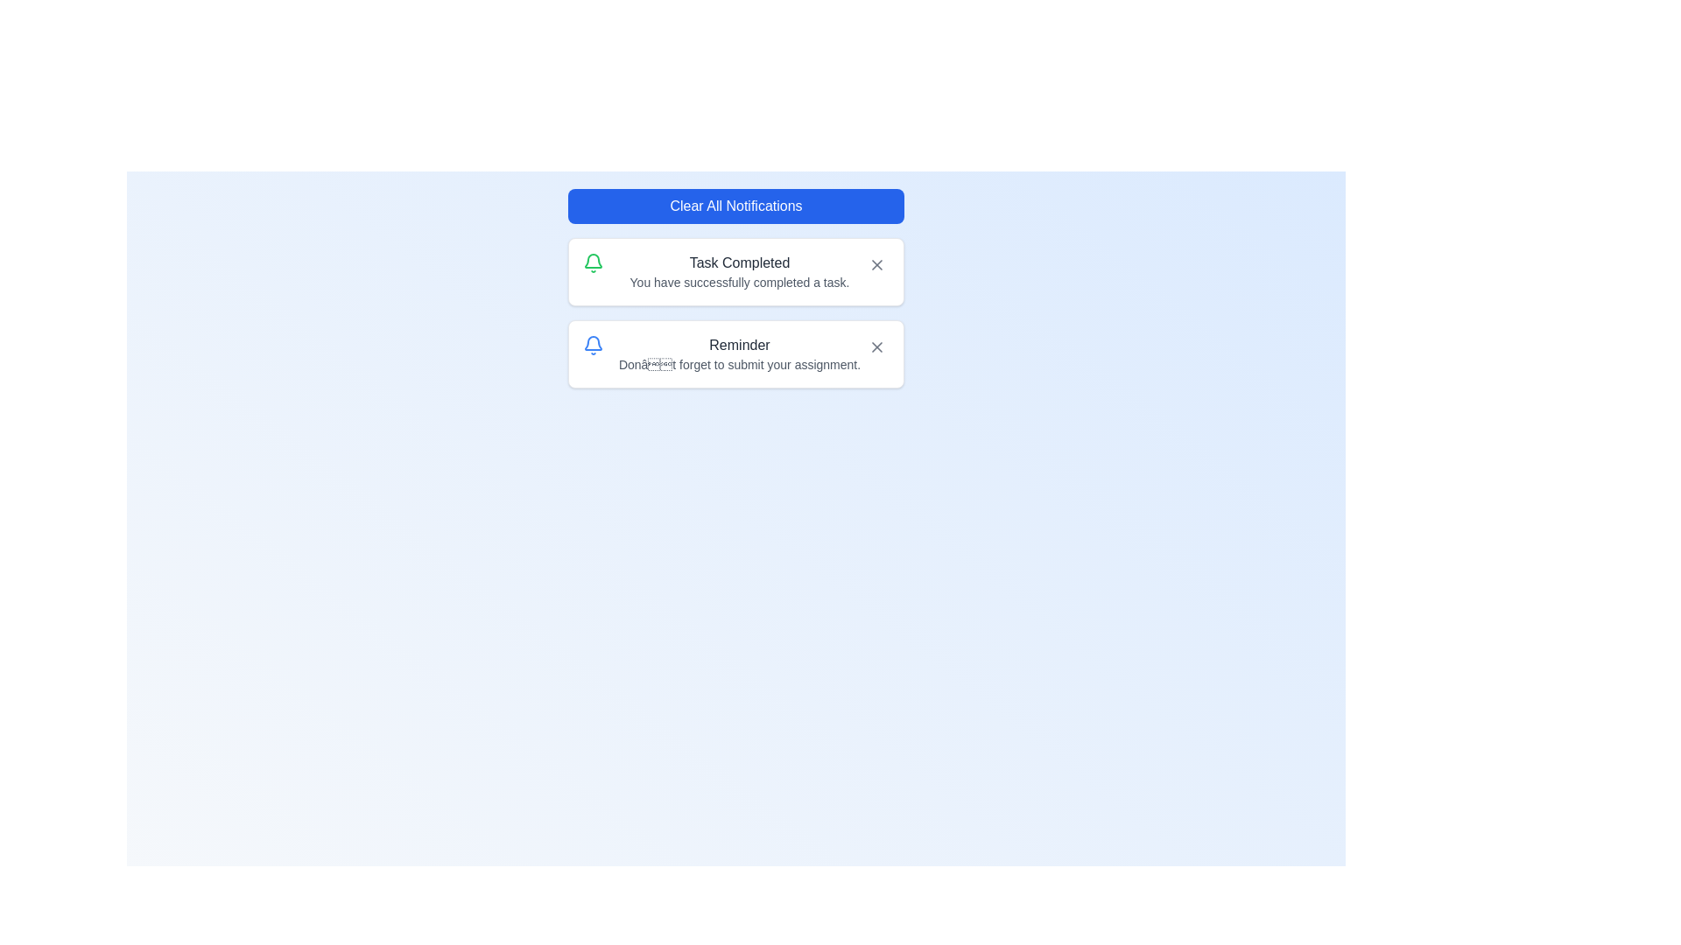 The image size is (1681, 945). What do you see at coordinates (739, 354) in the screenshot?
I see `the reminder message text block located within the notification box, which emphasizes the need to submit an assignment` at bounding box center [739, 354].